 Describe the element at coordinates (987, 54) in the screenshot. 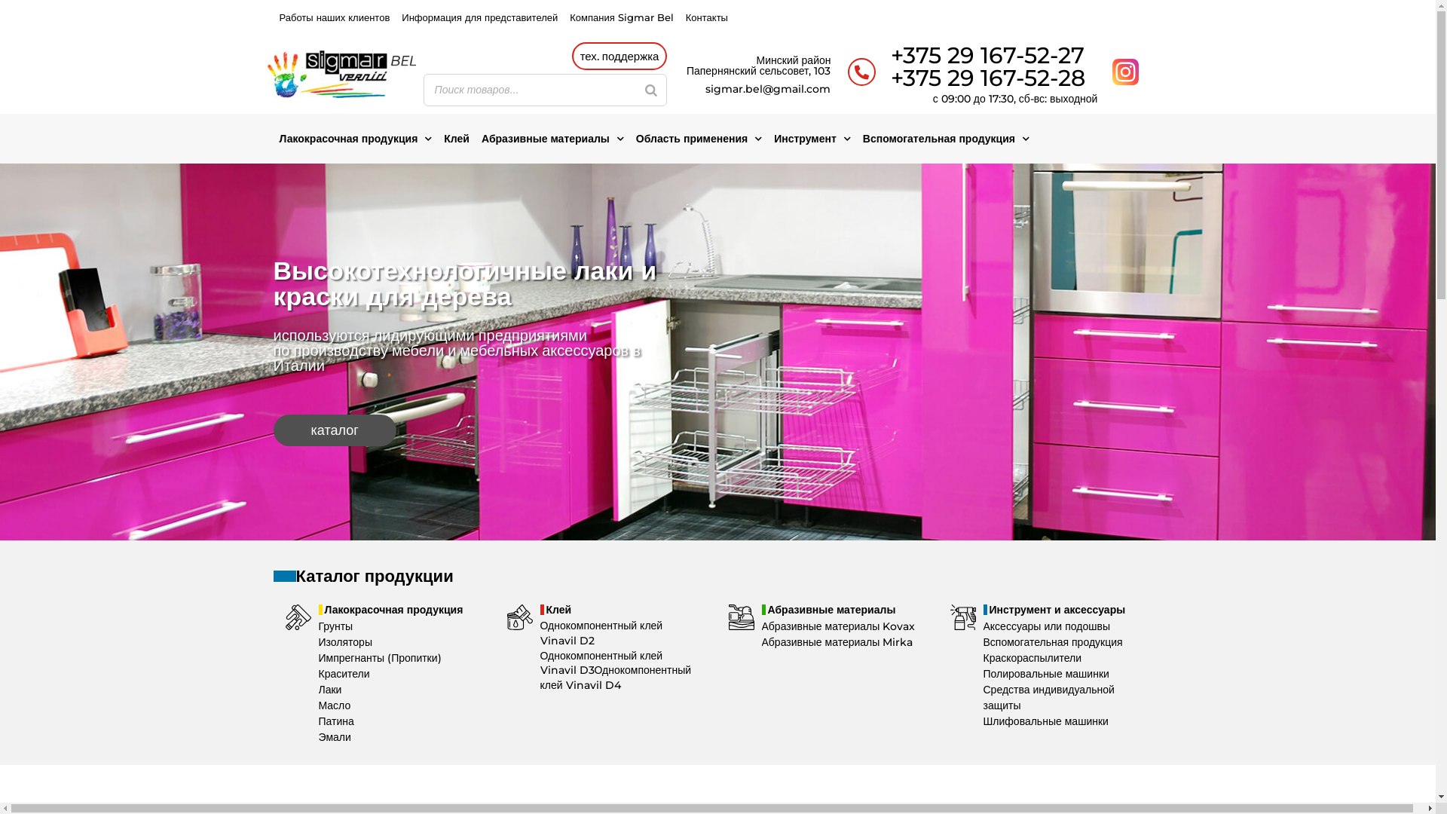

I see `'+375 29 167-52-27'` at that location.